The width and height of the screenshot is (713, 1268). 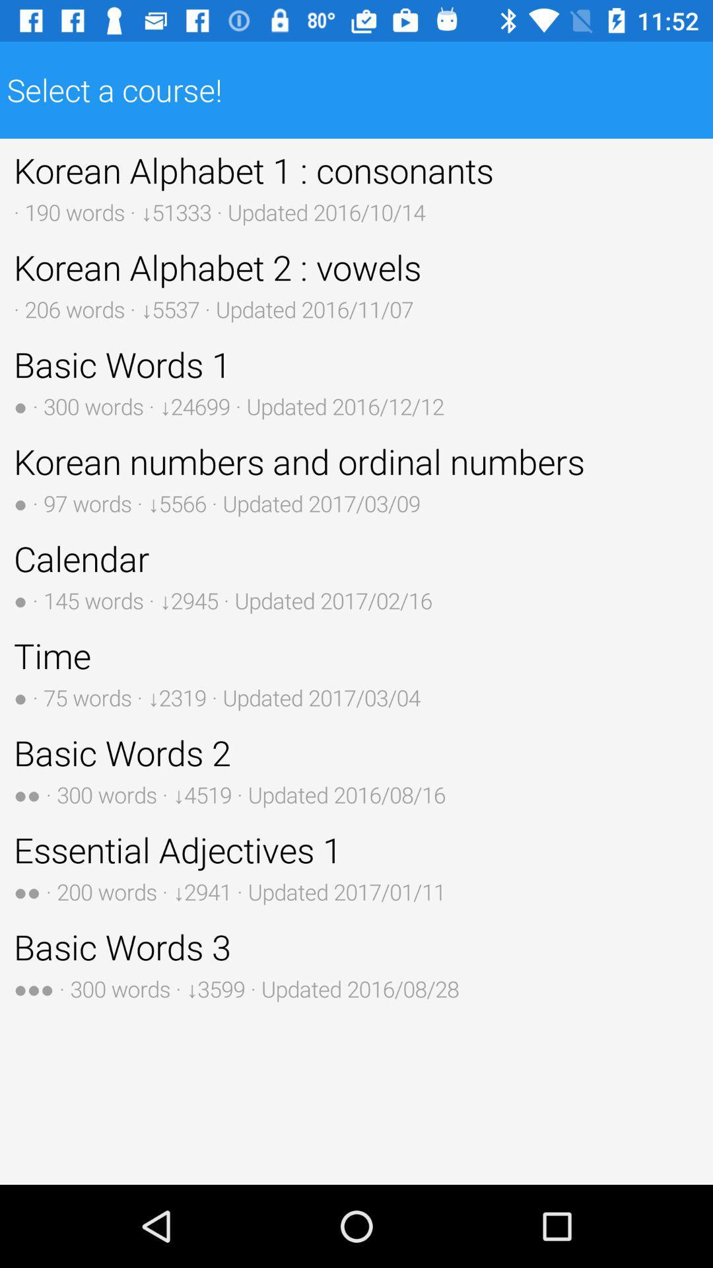 I want to click on the calendar 145 words, so click(x=356, y=575).